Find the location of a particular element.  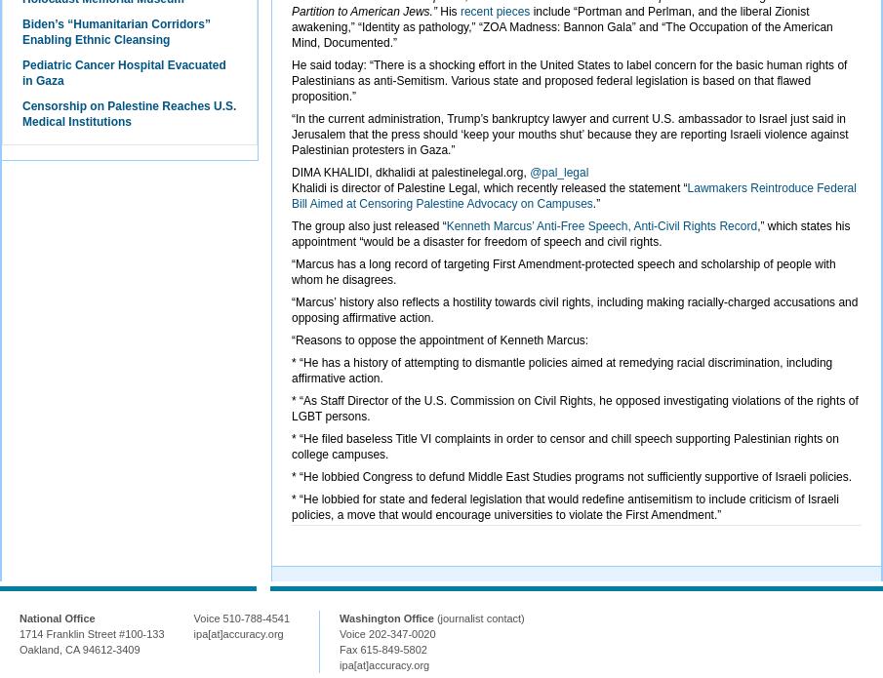

'Kenneth Marcus’ Anti-Free Speech, Anti-Civil Rights Record' is located at coordinates (600, 224).